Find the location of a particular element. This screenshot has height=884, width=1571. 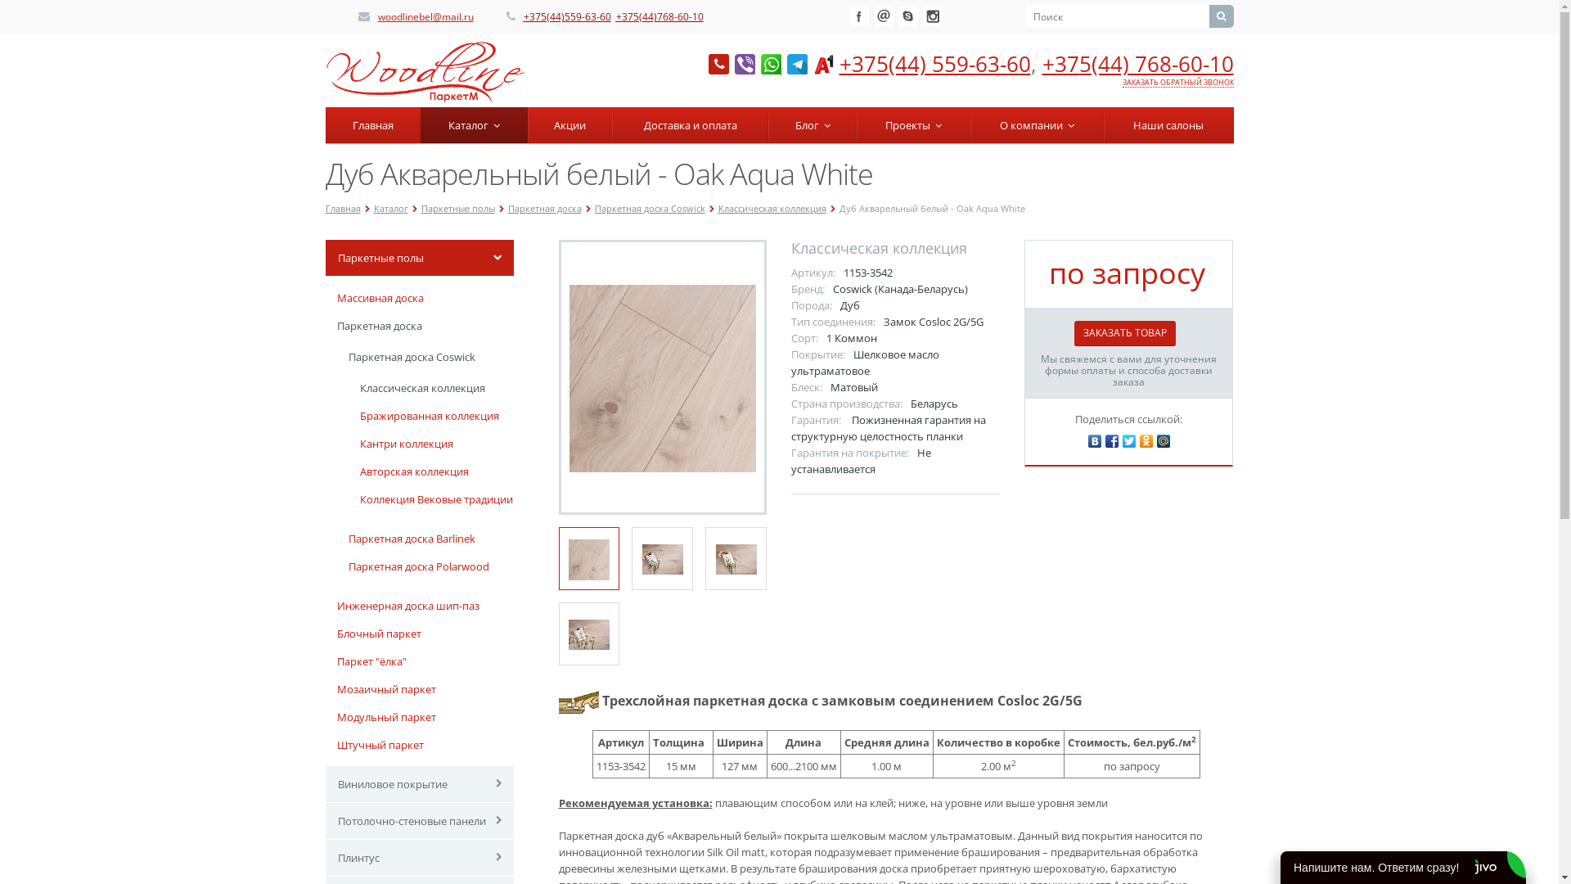

'telegram_icon.png' is located at coordinates (797, 63).